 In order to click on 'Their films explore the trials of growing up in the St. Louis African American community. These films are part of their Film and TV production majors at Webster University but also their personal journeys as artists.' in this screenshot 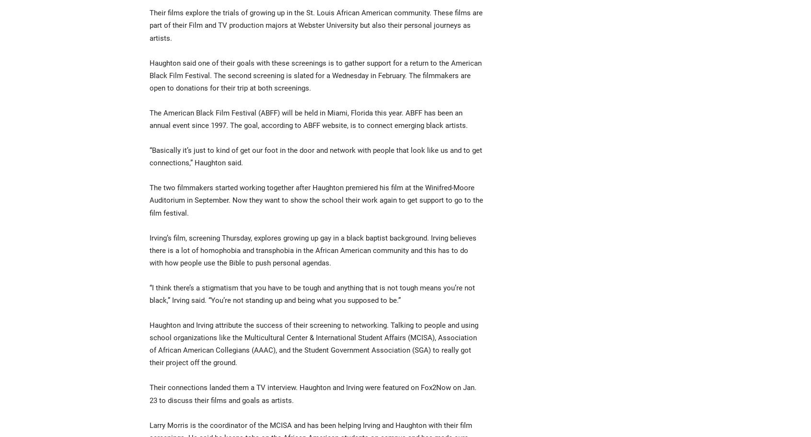, I will do `click(316, 24)`.